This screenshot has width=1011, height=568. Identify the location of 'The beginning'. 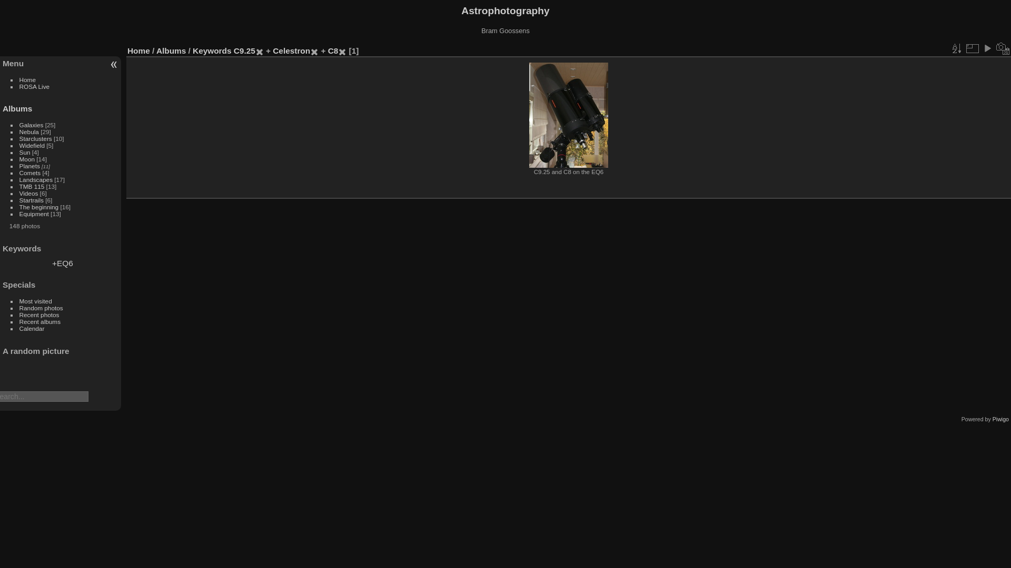
(19, 207).